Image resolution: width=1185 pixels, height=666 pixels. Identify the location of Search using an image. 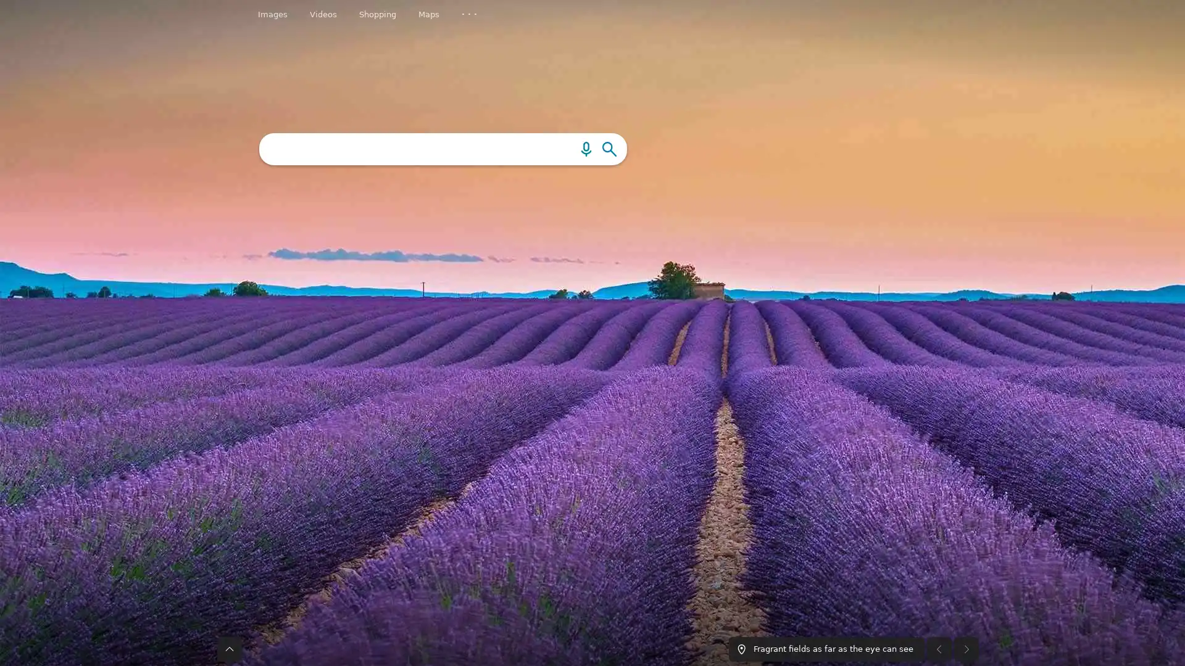
(585, 148).